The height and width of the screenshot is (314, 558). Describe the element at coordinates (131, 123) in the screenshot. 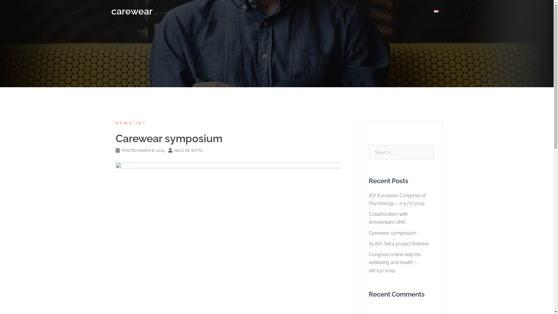

I see `'NEWS-INT'` at that location.